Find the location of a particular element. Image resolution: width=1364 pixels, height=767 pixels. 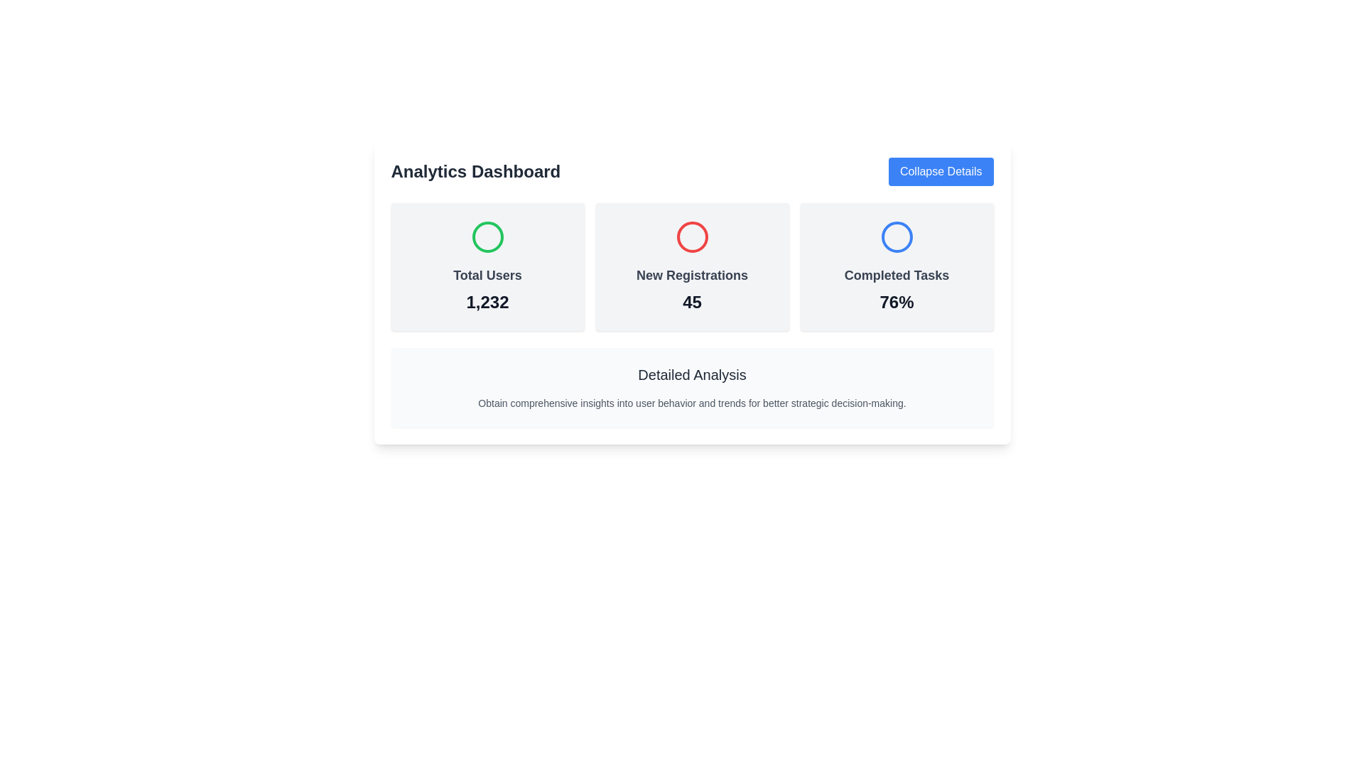

the text element displaying '76%' in bold and large font, located beneath the header 'Completed Tasks' within a light gray-background card is located at coordinates (896, 301).